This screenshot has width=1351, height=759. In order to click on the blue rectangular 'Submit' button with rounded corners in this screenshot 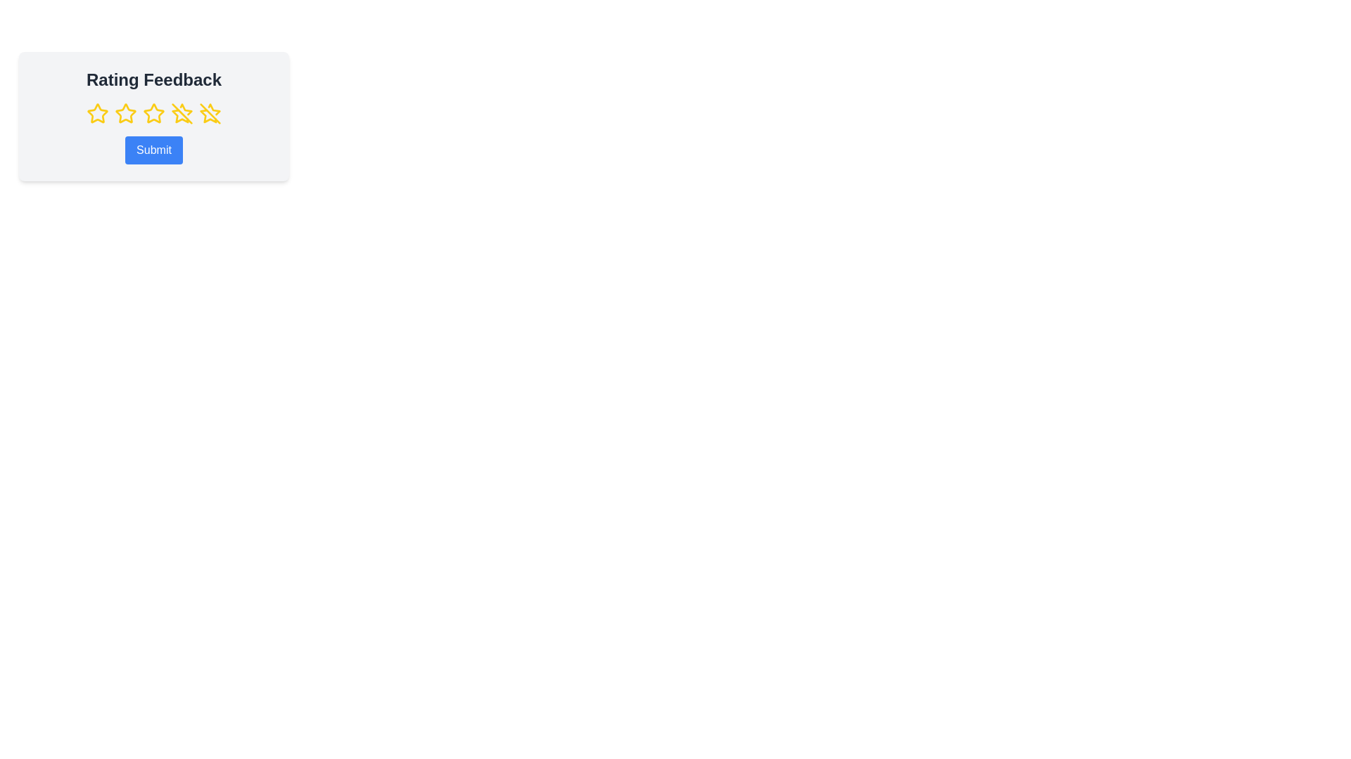, I will do `click(154, 150)`.